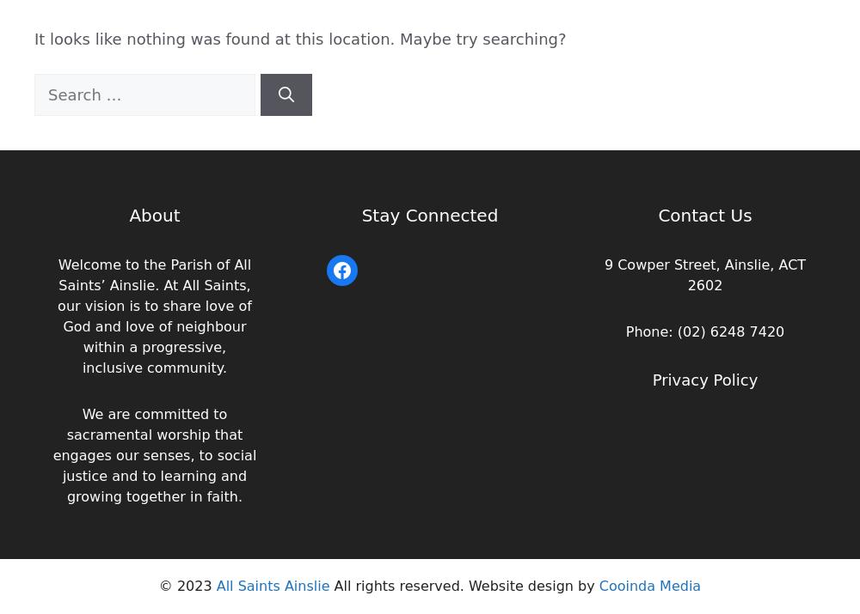  What do you see at coordinates (703, 331) in the screenshot?
I see `'Phone: (02) 6248 7420'` at bounding box center [703, 331].